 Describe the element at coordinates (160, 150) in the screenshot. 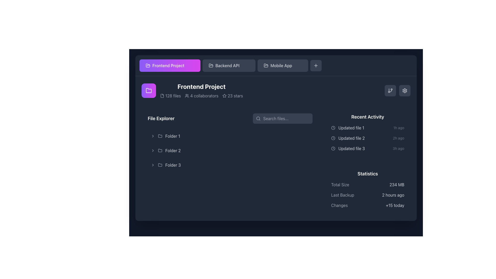

I see `the folder icon labeled 'Folder 2' in the sidebar of the file explorer interface` at that location.